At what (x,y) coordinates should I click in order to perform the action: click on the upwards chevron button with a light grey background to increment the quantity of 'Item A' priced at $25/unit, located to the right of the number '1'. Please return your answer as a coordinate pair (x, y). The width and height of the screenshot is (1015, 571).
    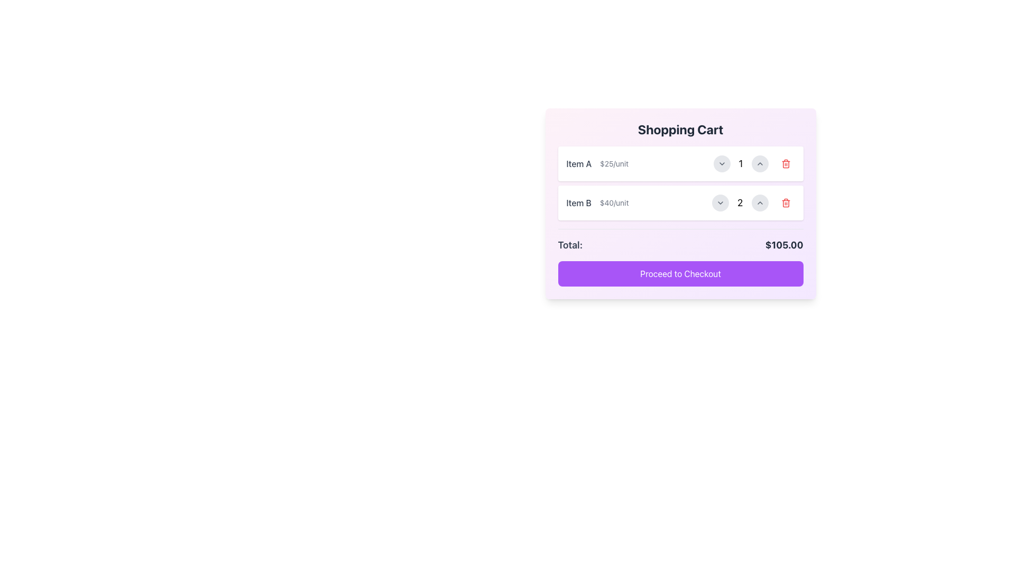
    Looking at the image, I should click on (753, 163).